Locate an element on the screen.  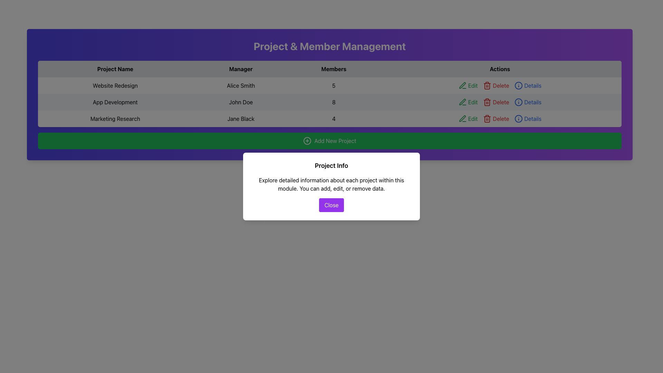
the prominent red 'Delete' button with a trash bin icon to initiate a delete action is located at coordinates (496, 118).